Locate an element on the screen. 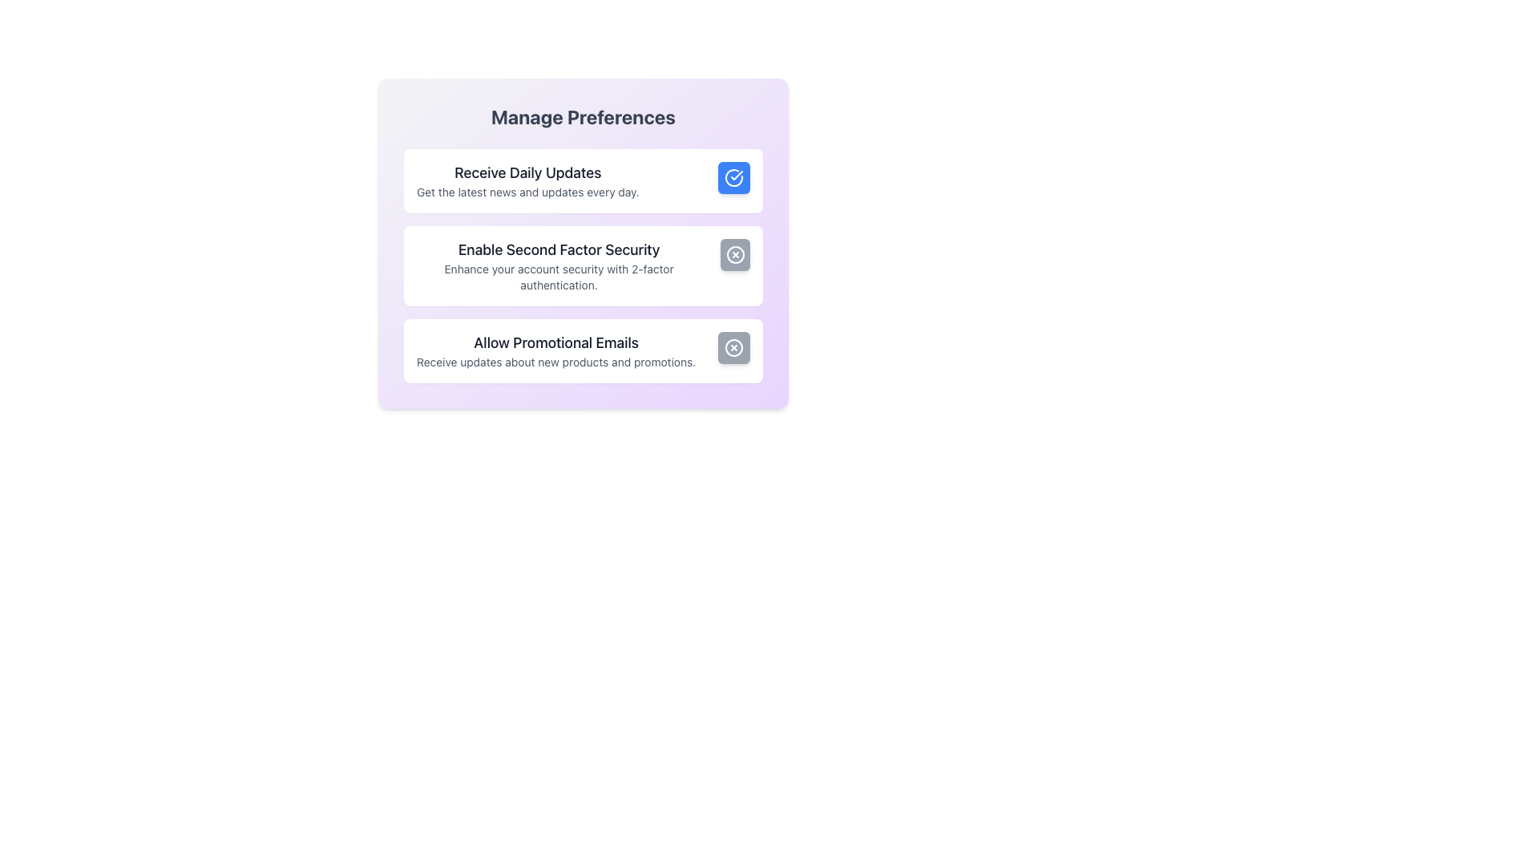  the gray circle with a white border and a white 'X' shape, which is part of the clickable icon next to the 'Allow Promotional Emails' setting option is located at coordinates (733, 347).